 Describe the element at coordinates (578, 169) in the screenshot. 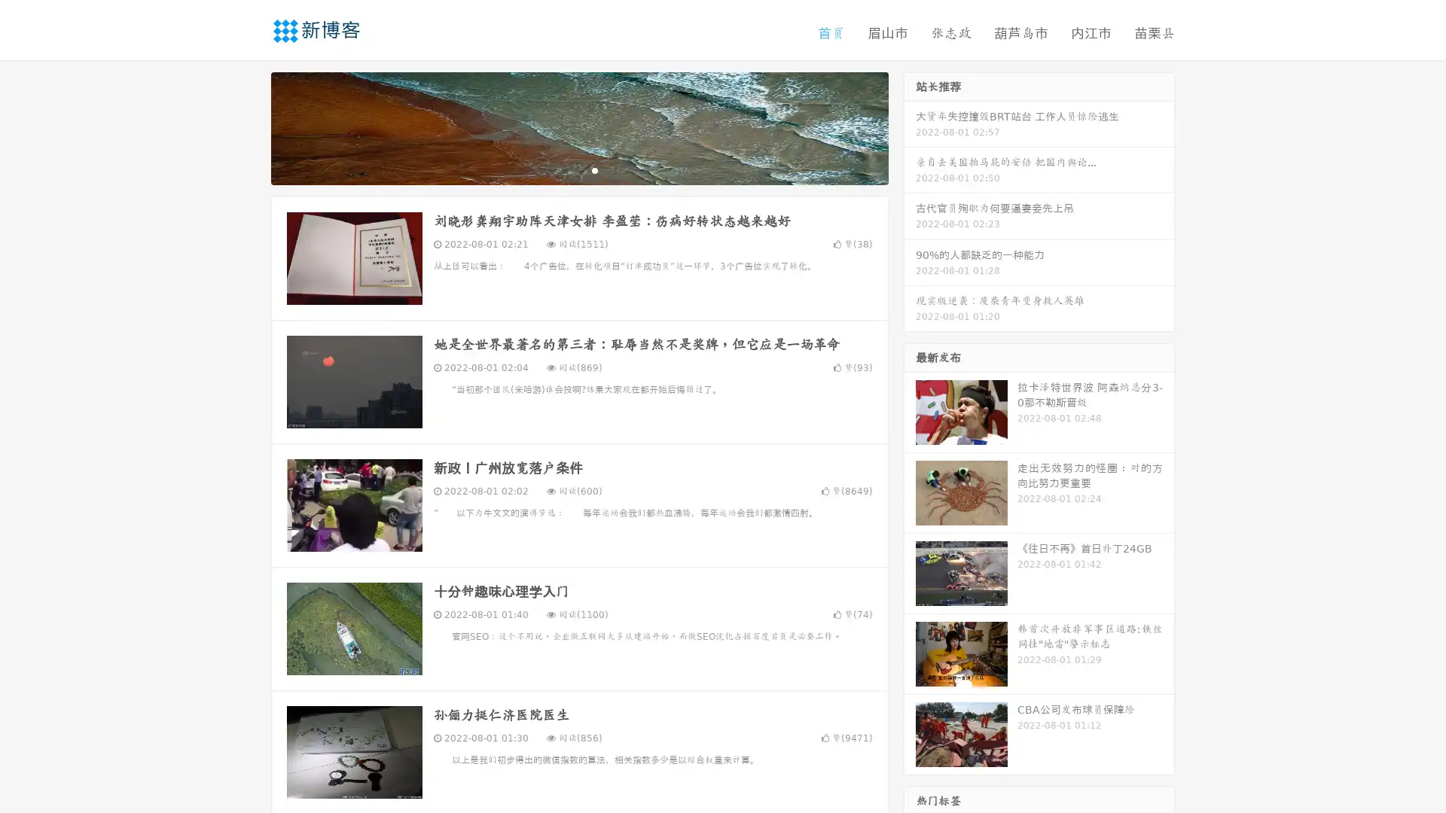

I see `Go to slide 2` at that location.